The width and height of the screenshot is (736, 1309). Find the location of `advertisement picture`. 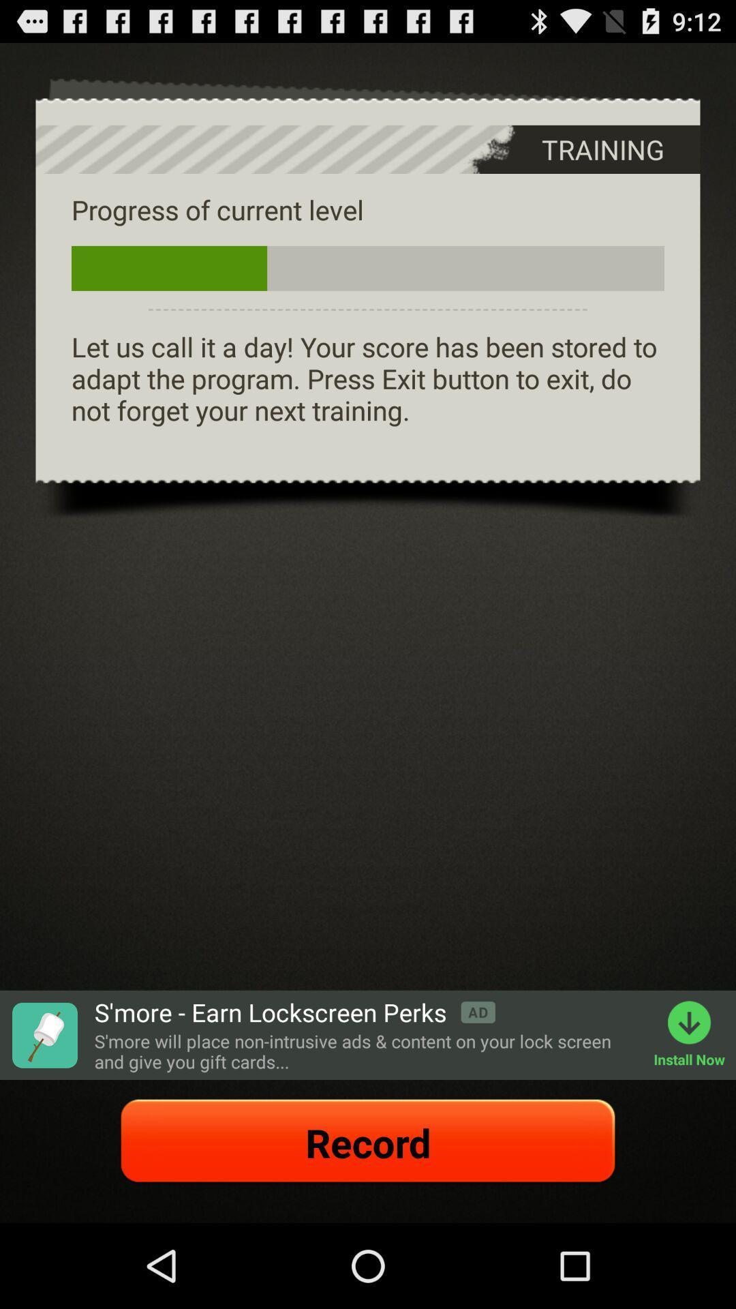

advertisement picture is located at coordinates (44, 1035).